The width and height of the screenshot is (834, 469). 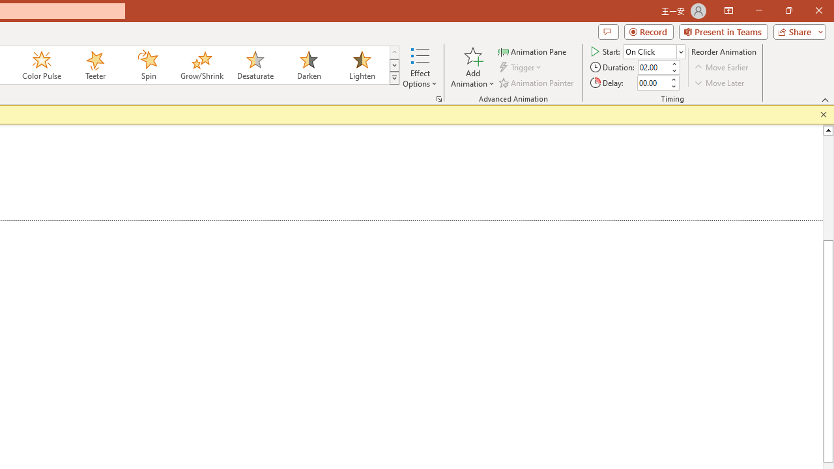 I want to click on 'Lighten', so click(x=362, y=65).